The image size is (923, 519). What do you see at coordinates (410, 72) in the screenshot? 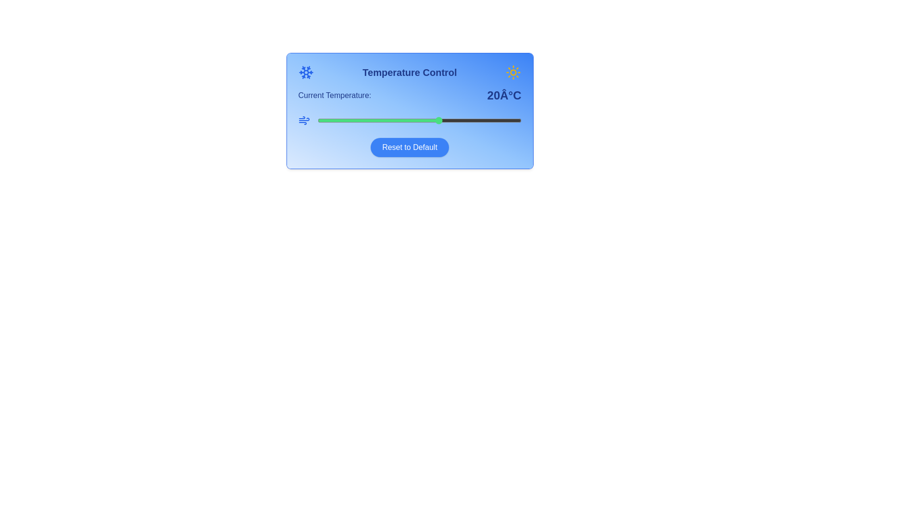
I see `the 'Temperature Control' text label, which is styled in bold, large font and is dark blue against a light blue background, located centrally between a snowflake icon and a sun icon` at bounding box center [410, 72].